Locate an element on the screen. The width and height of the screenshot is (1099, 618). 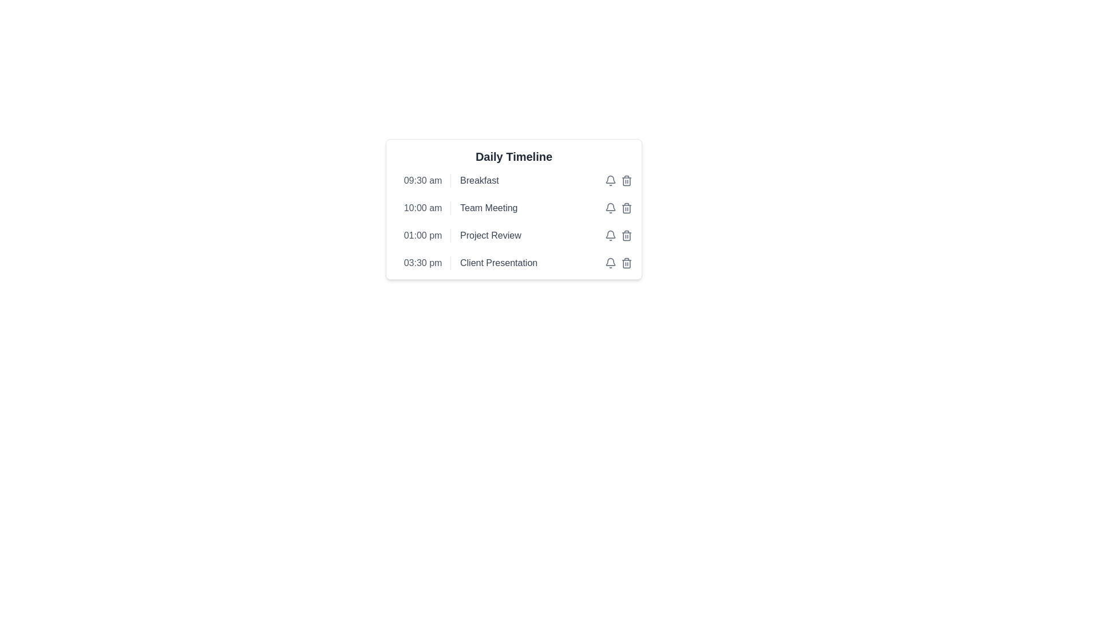
the notifications button located to the right of the 'Project Review' text label is located at coordinates (610, 180).